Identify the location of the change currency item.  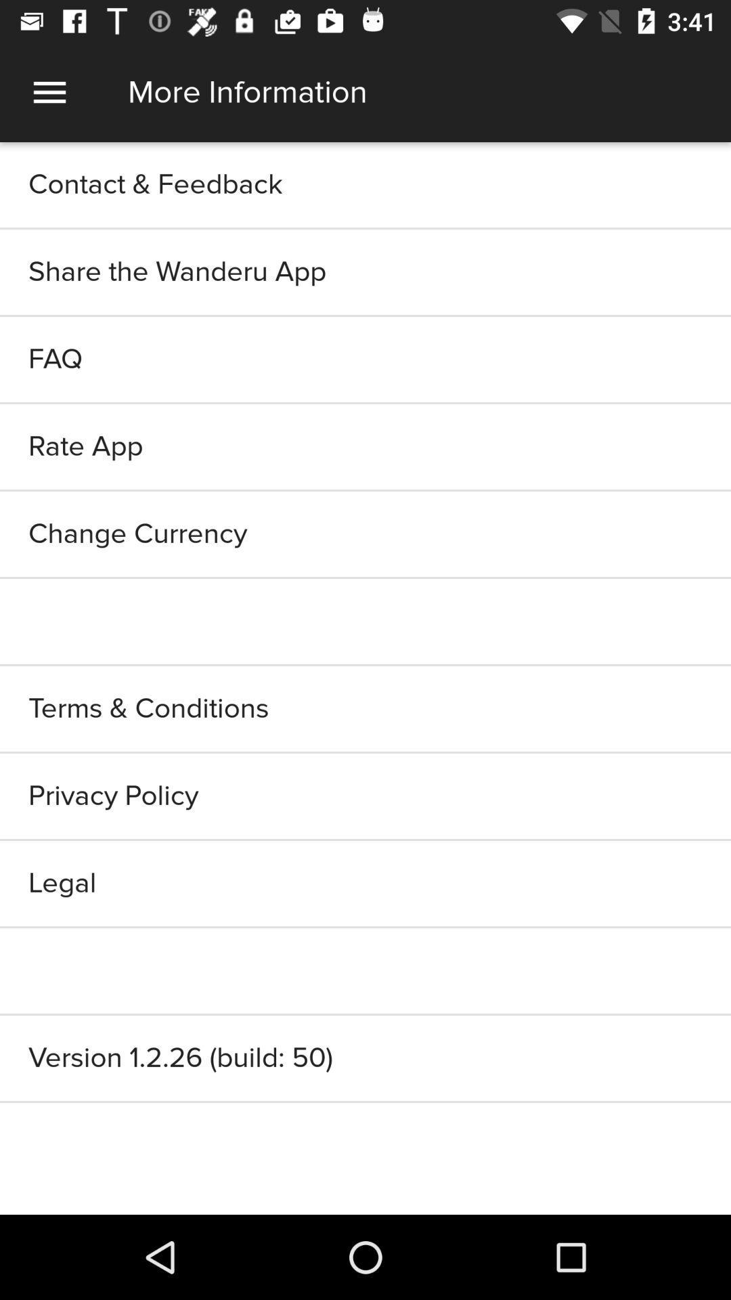
(365, 533).